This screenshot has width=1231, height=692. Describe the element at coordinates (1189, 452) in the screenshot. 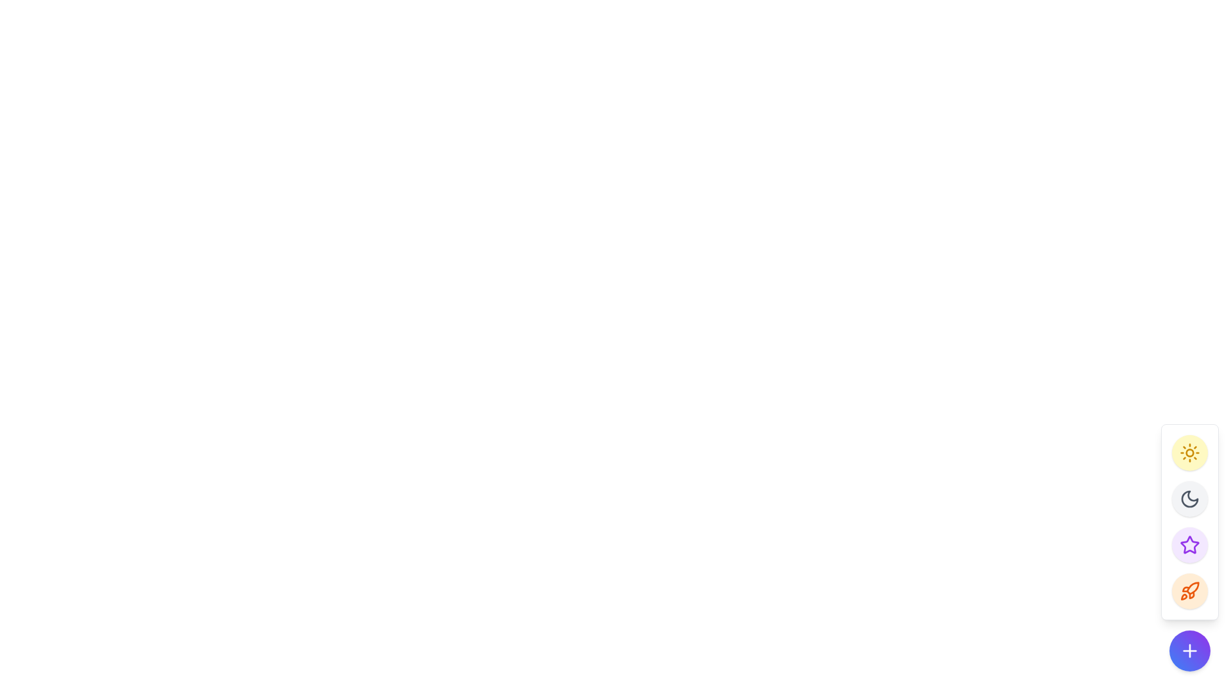

I see `the topmost circular button with a sun icon and a yellow background in the vertical menu of buttons located at the bottom-right edge of the interface` at that location.